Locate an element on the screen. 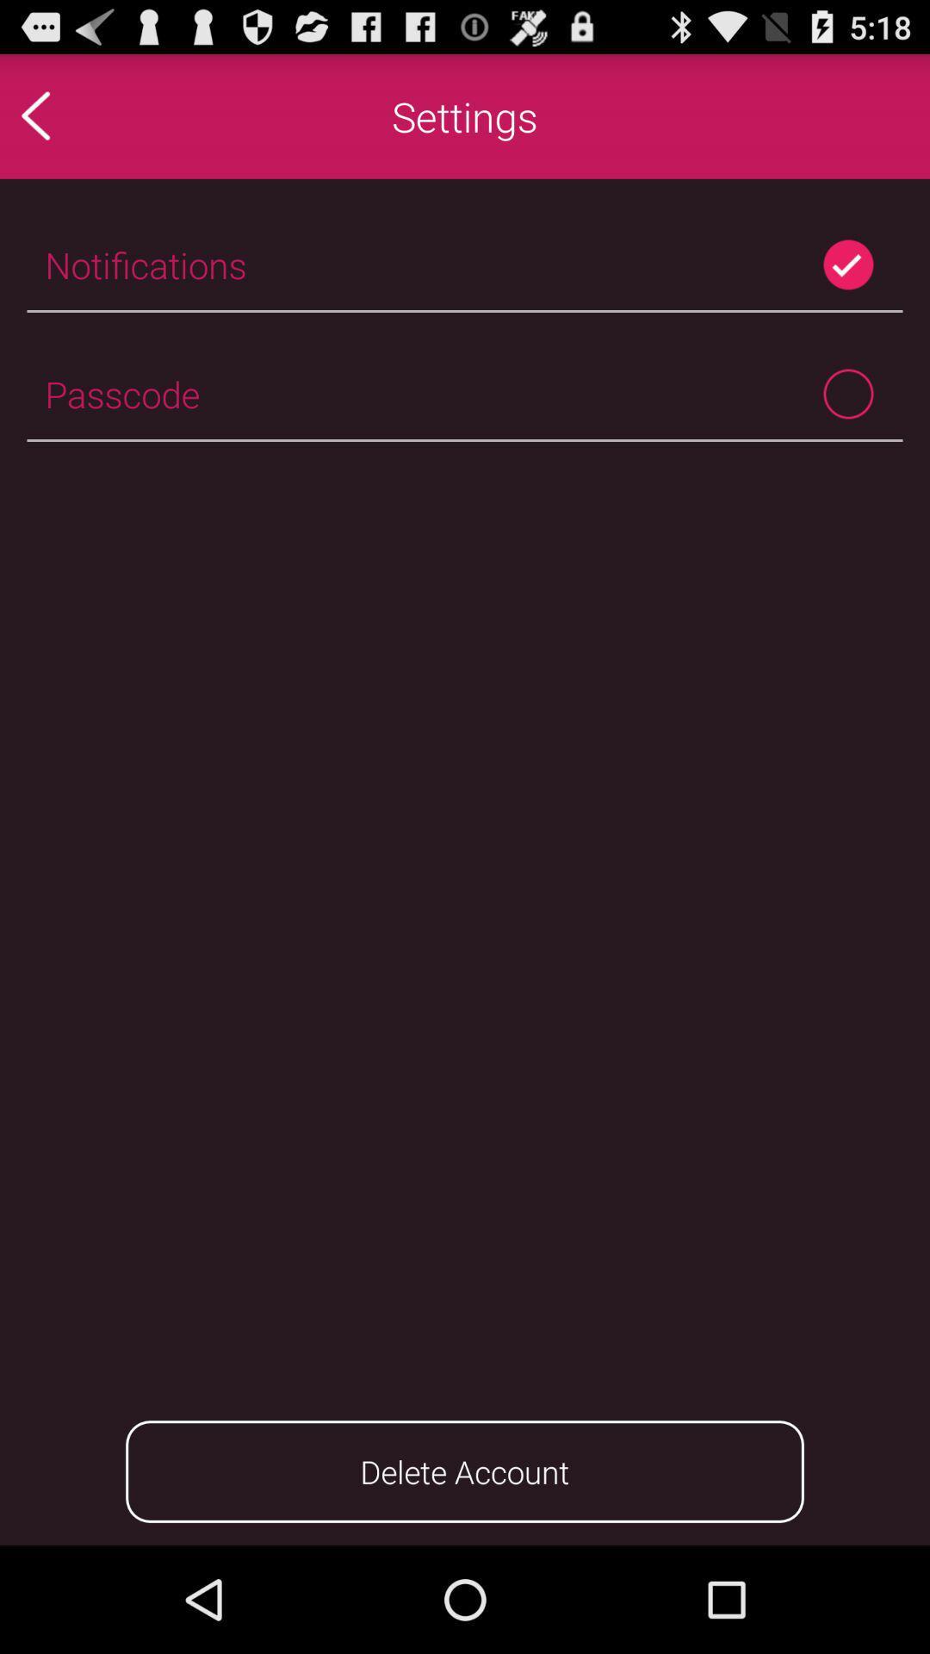 The image size is (930, 1654). the icon next to passcode icon is located at coordinates (847, 393).